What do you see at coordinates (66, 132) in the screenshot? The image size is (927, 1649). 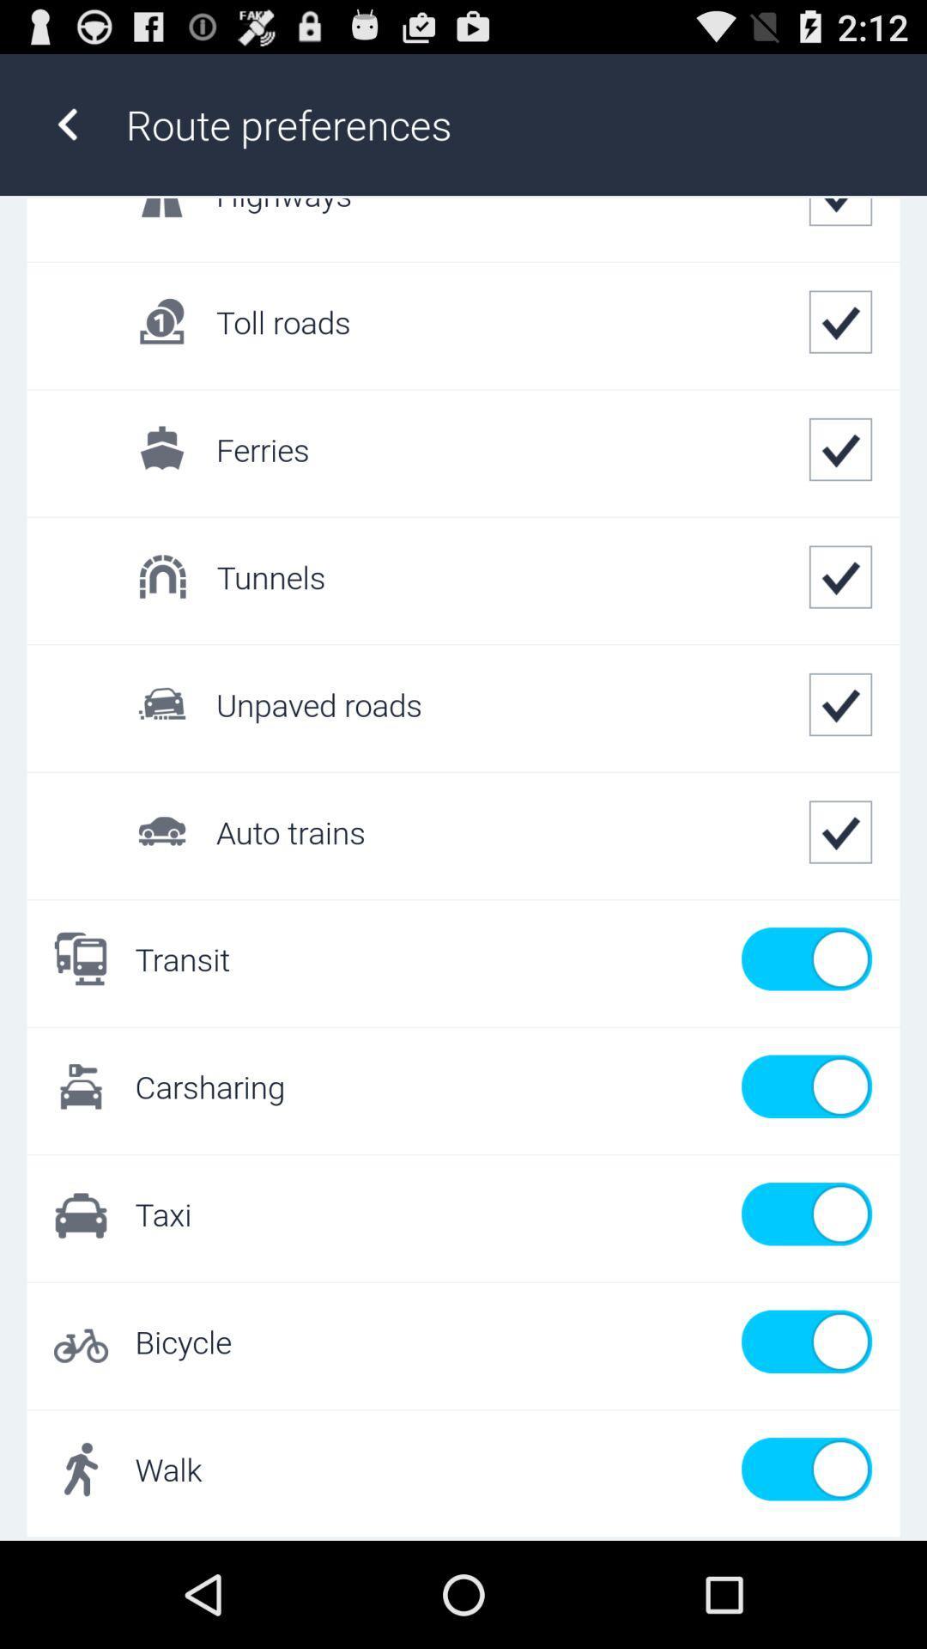 I see `the arrow_backward icon` at bounding box center [66, 132].